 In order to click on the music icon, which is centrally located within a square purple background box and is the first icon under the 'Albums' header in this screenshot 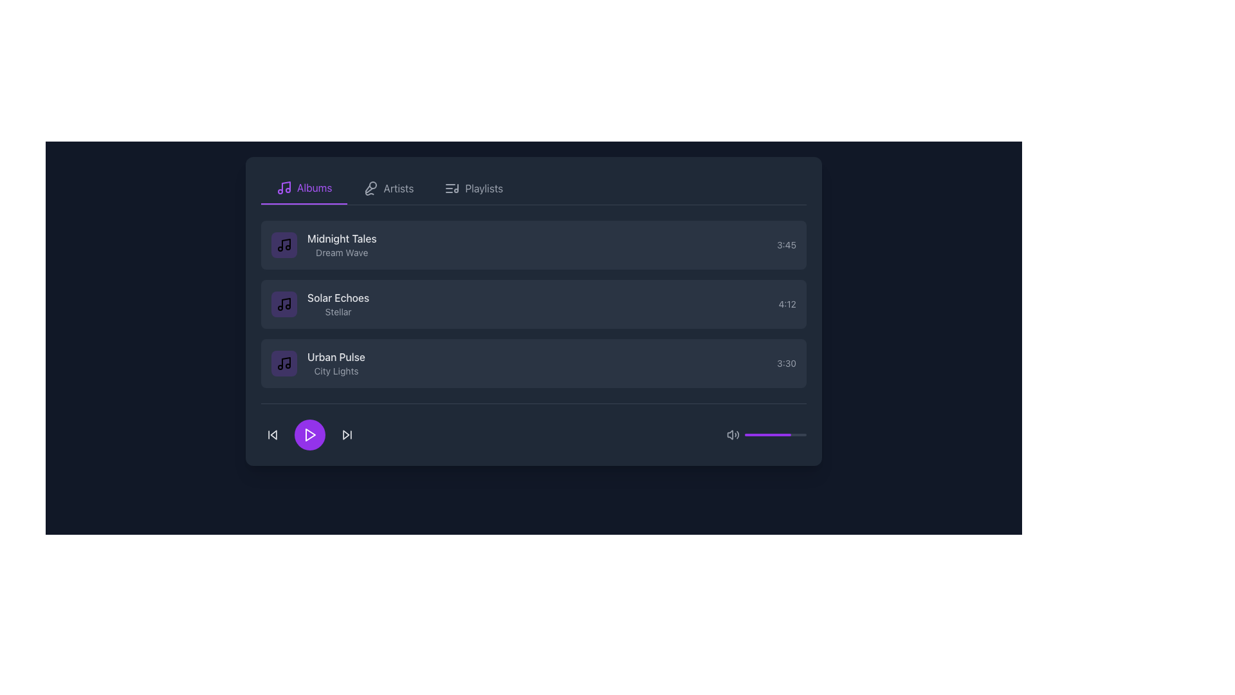, I will do `click(283, 304)`.